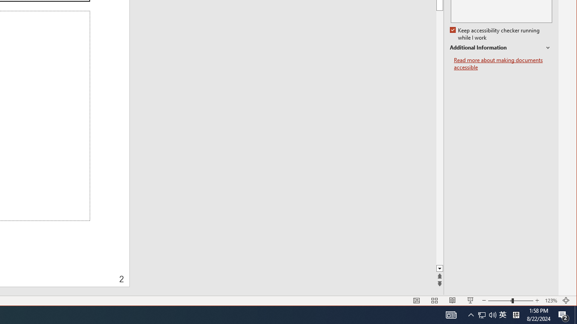  I want to click on 'Q2790: 100%', so click(492, 314).